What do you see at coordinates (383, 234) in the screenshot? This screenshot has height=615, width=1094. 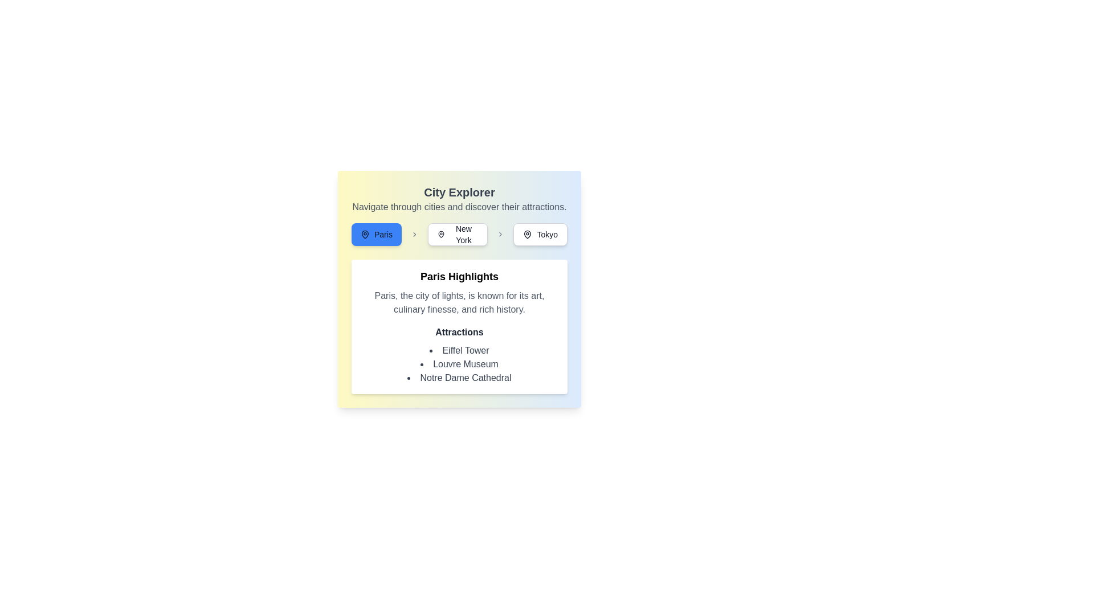 I see `the 'Paris' text button, which is the first button in the group of city navigation options, displayed in white text on a blue background` at bounding box center [383, 234].